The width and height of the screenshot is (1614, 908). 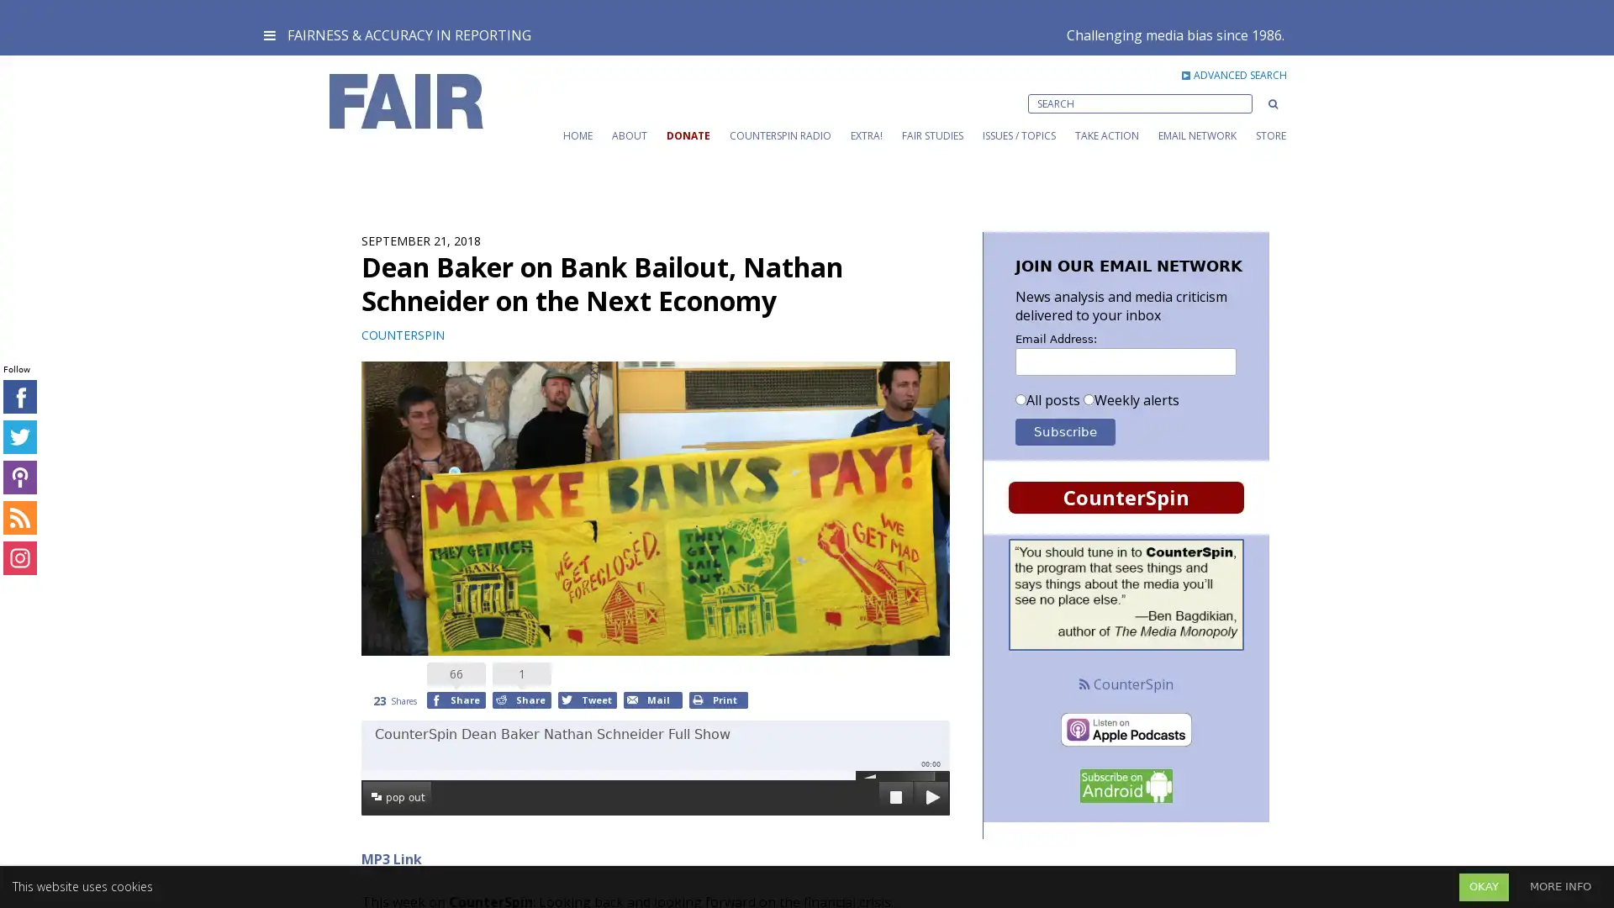 I want to click on Share to Facebook, so click(x=456, y=673).